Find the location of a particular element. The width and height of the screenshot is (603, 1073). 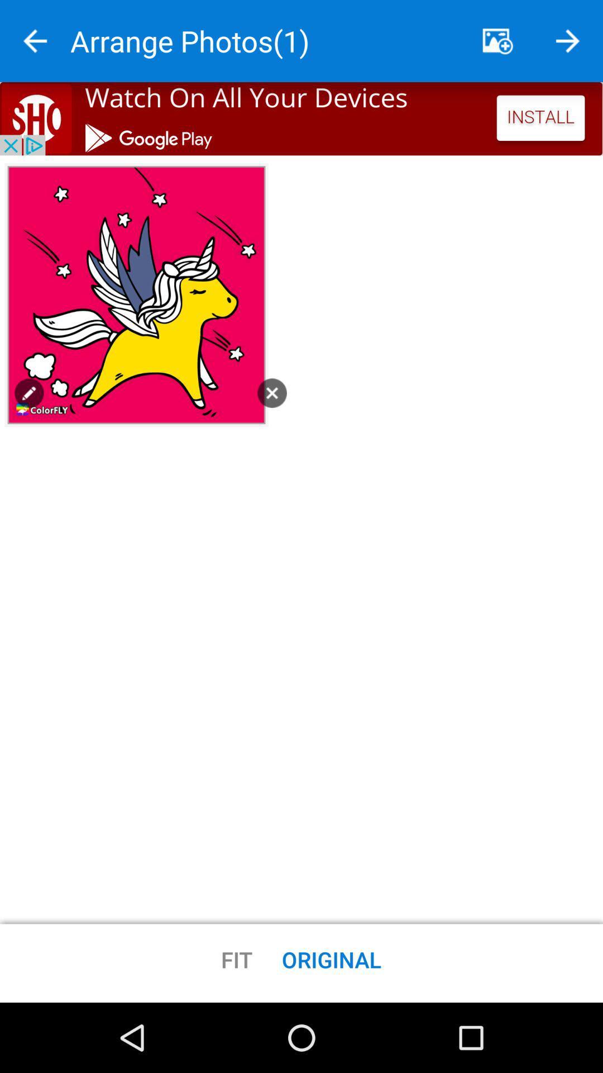

exit button is located at coordinates (272, 393).